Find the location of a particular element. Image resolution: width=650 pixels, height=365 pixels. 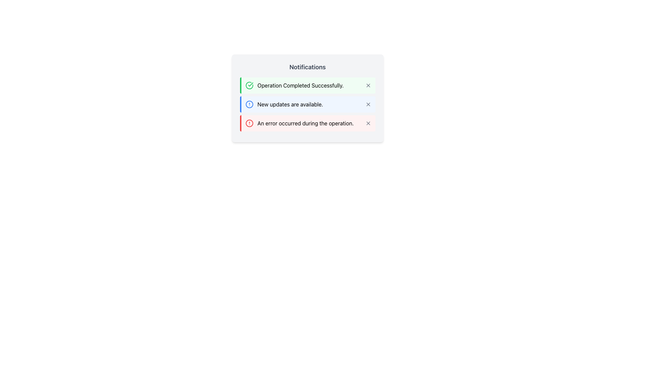

the close button icon located at the right side of the notification bar for 'New updates are available.' is located at coordinates (368, 104).